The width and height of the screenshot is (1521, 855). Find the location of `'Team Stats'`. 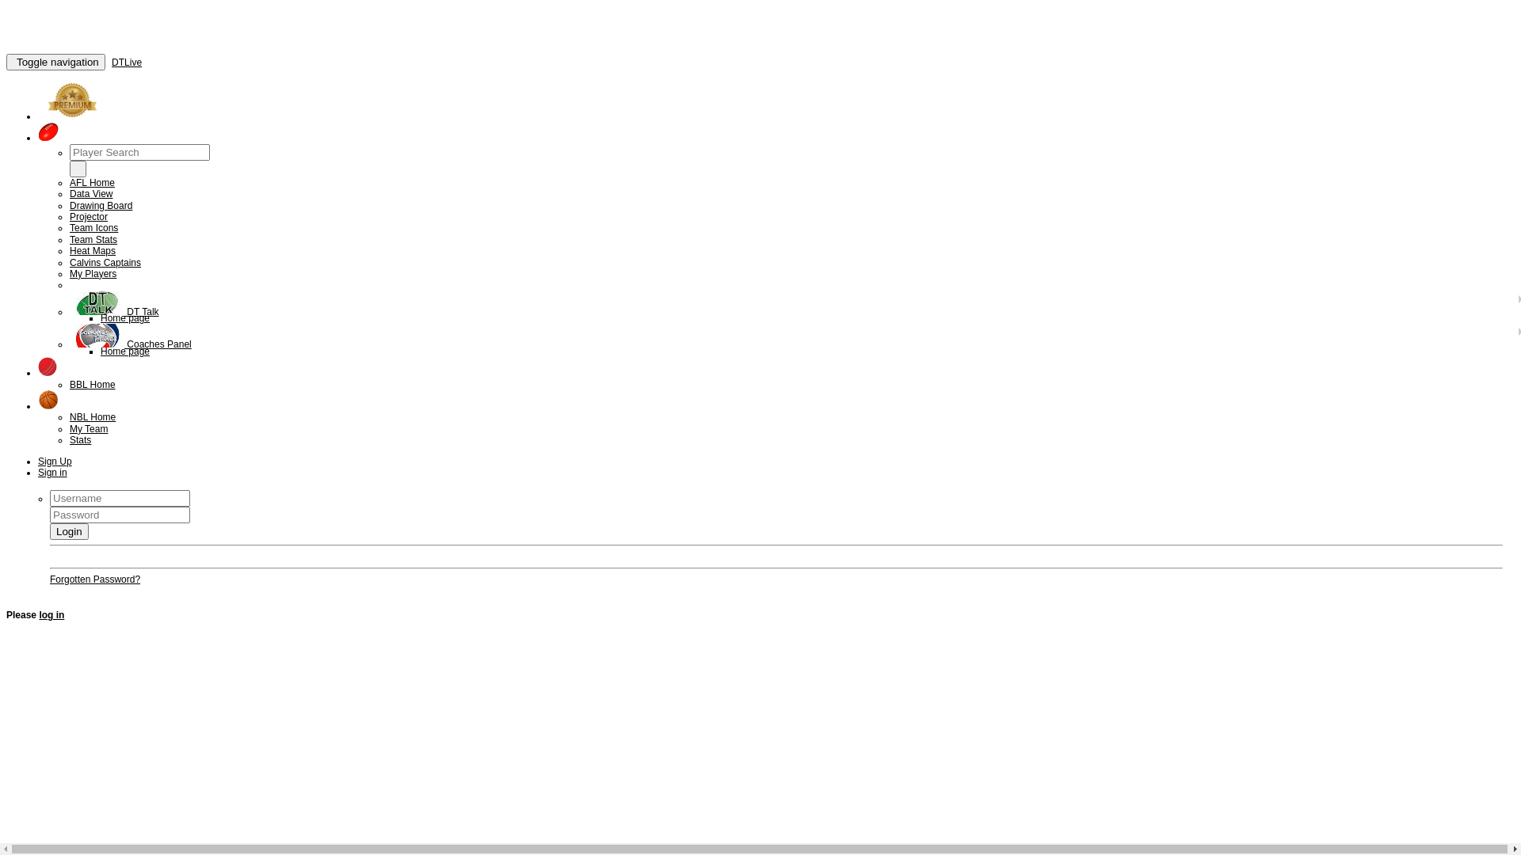

'Team Stats' is located at coordinates (93, 240).